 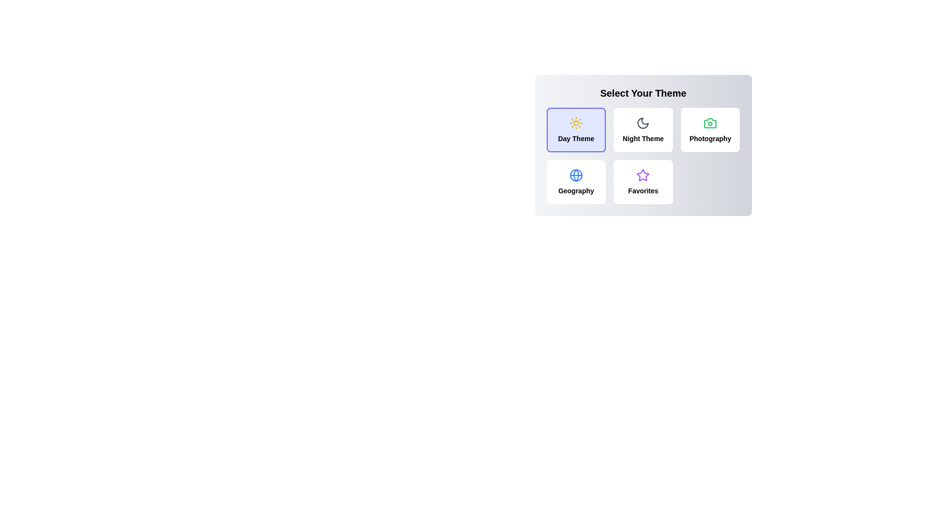 What do you see at coordinates (576, 122) in the screenshot?
I see `the Icon representing the 'Day Theme' selection located at the center-top of the 'Day Theme' panel, above the text label 'Day Theme'` at bounding box center [576, 122].